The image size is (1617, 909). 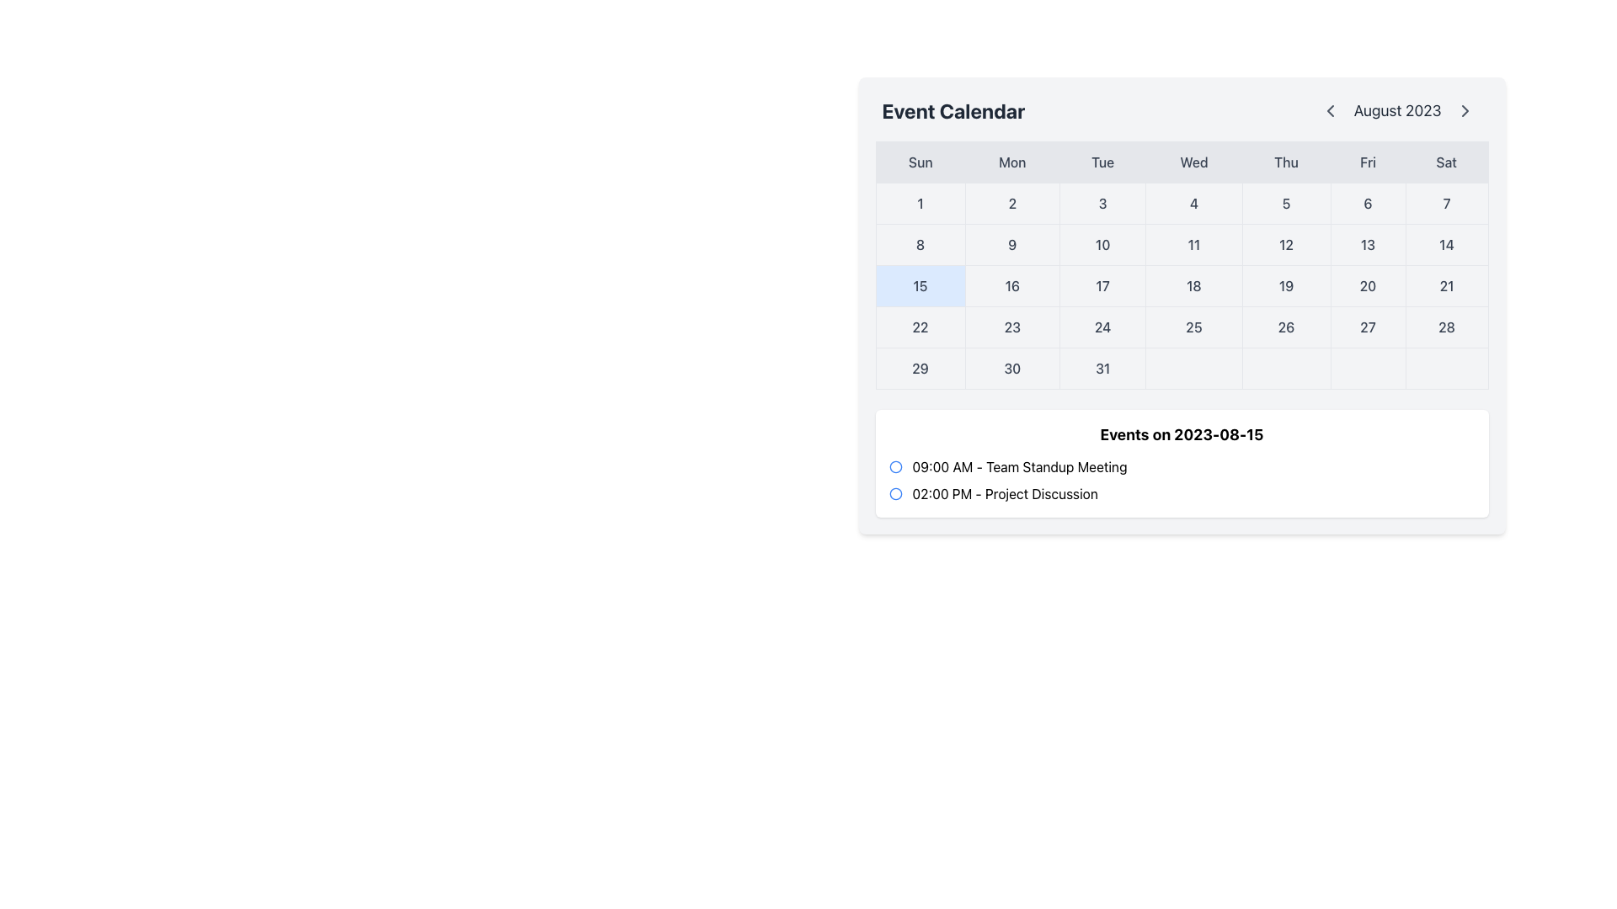 What do you see at coordinates (1181, 162) in the screenshot?
I see `the abbreviation in the Label row for the calendar grid` at bounding box center [1181, 162].